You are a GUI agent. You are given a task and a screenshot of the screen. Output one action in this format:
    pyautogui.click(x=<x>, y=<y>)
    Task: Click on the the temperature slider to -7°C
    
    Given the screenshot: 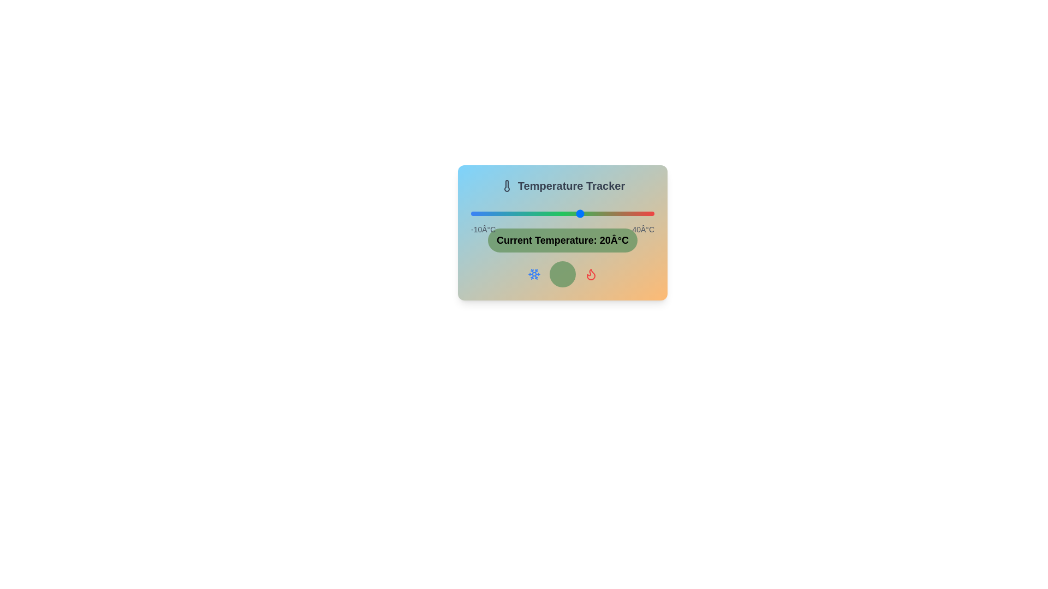 What is the action you would take?
    pyautogui.click(x=481, y=214)
    